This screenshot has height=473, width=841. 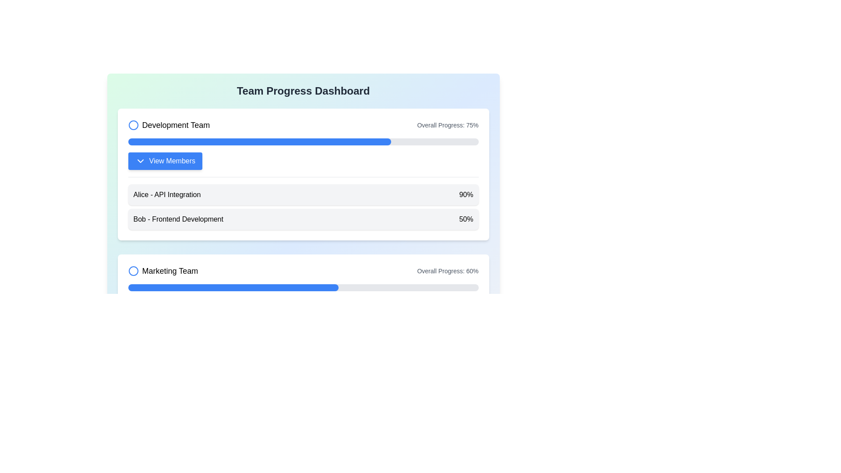 What do you see at coordinates (170, 270) in the screenshot?
I see `the 'Marketing Team' text label to interact with it, which is displayed in a medium-size bold font adjacent to a blue circular icon` at bounding box center [170, 270].